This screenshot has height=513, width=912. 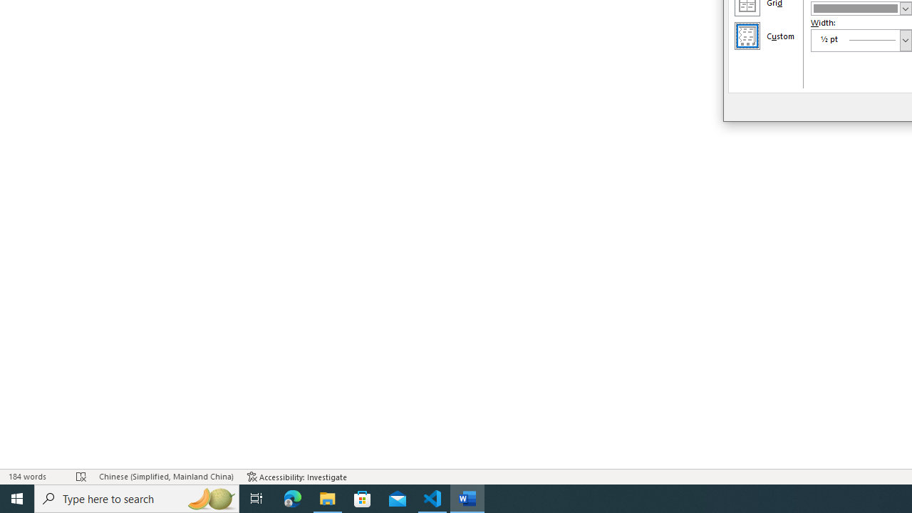 I want to click on 'Task View', so click(x=256, y=497).